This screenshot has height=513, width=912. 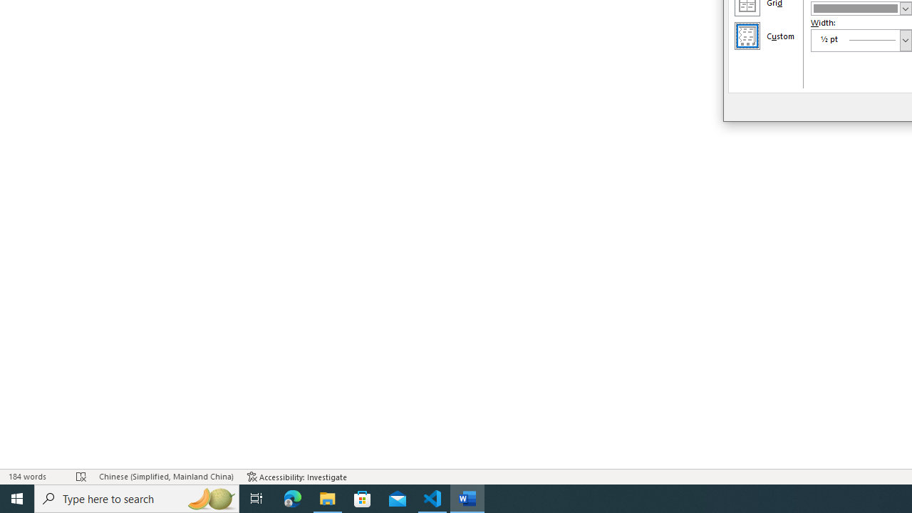 I want to click on 'Task View', so click(x=256, y=497).